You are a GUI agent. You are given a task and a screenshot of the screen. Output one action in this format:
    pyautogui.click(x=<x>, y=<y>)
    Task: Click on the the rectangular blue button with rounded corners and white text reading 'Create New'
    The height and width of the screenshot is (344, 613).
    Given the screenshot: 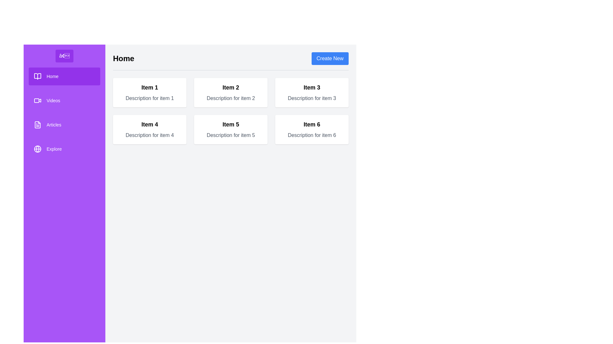 What is the action you would take?
    pyautogui.click(x=330, y=59)
    